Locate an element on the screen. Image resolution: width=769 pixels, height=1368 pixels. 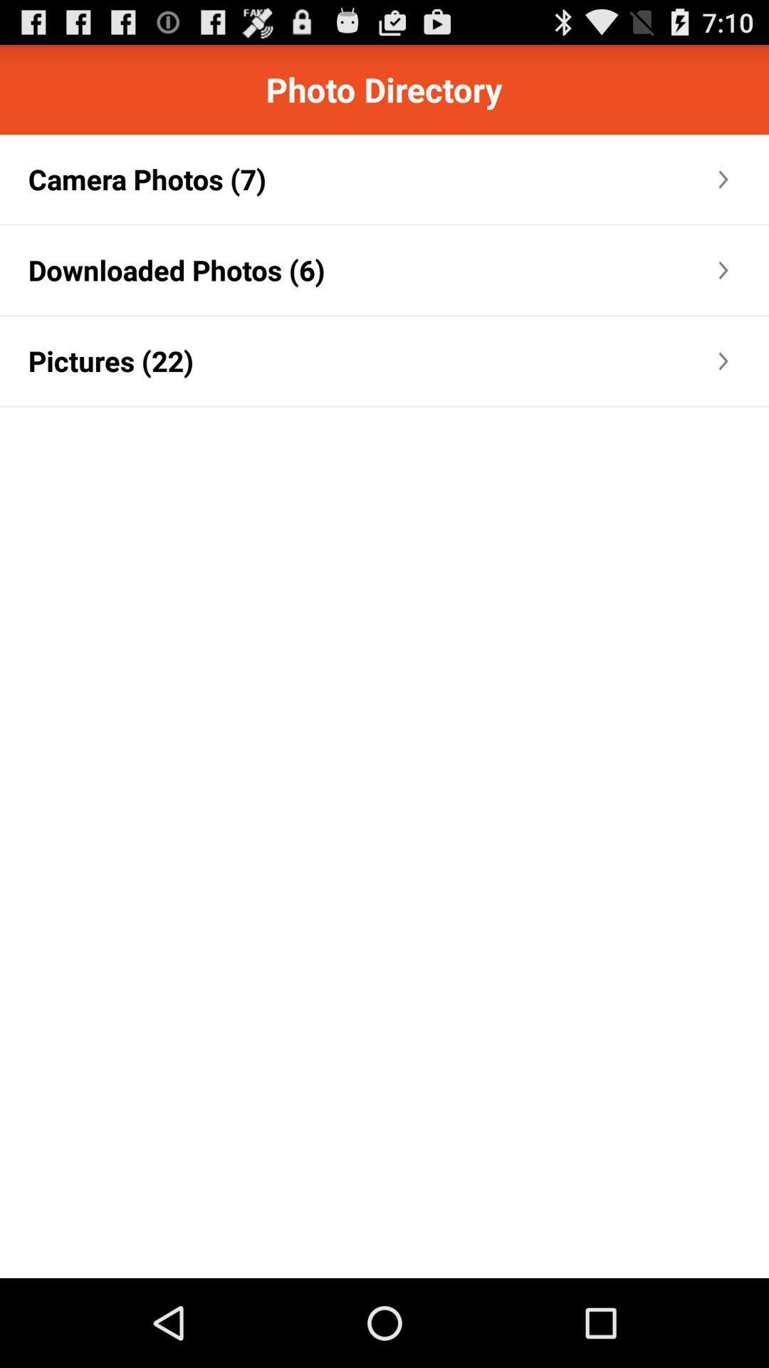
downloaded photos (6) item is located at coordinates (176, 270).